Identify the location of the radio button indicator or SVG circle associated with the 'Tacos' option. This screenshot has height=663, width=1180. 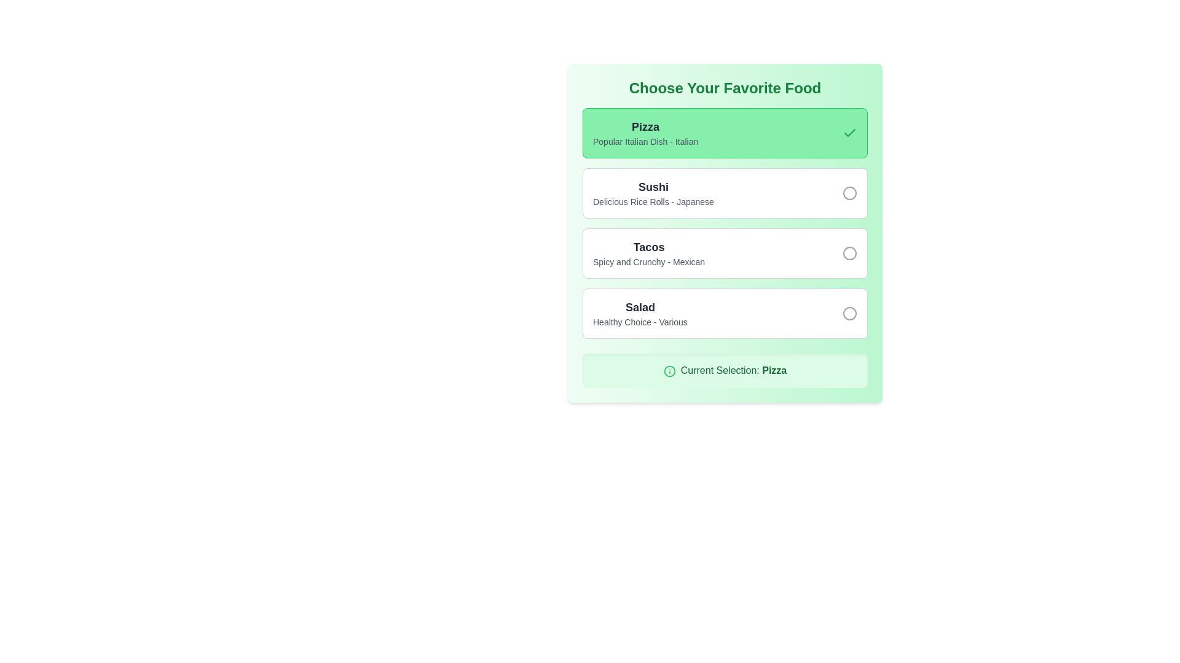
(849, 252).